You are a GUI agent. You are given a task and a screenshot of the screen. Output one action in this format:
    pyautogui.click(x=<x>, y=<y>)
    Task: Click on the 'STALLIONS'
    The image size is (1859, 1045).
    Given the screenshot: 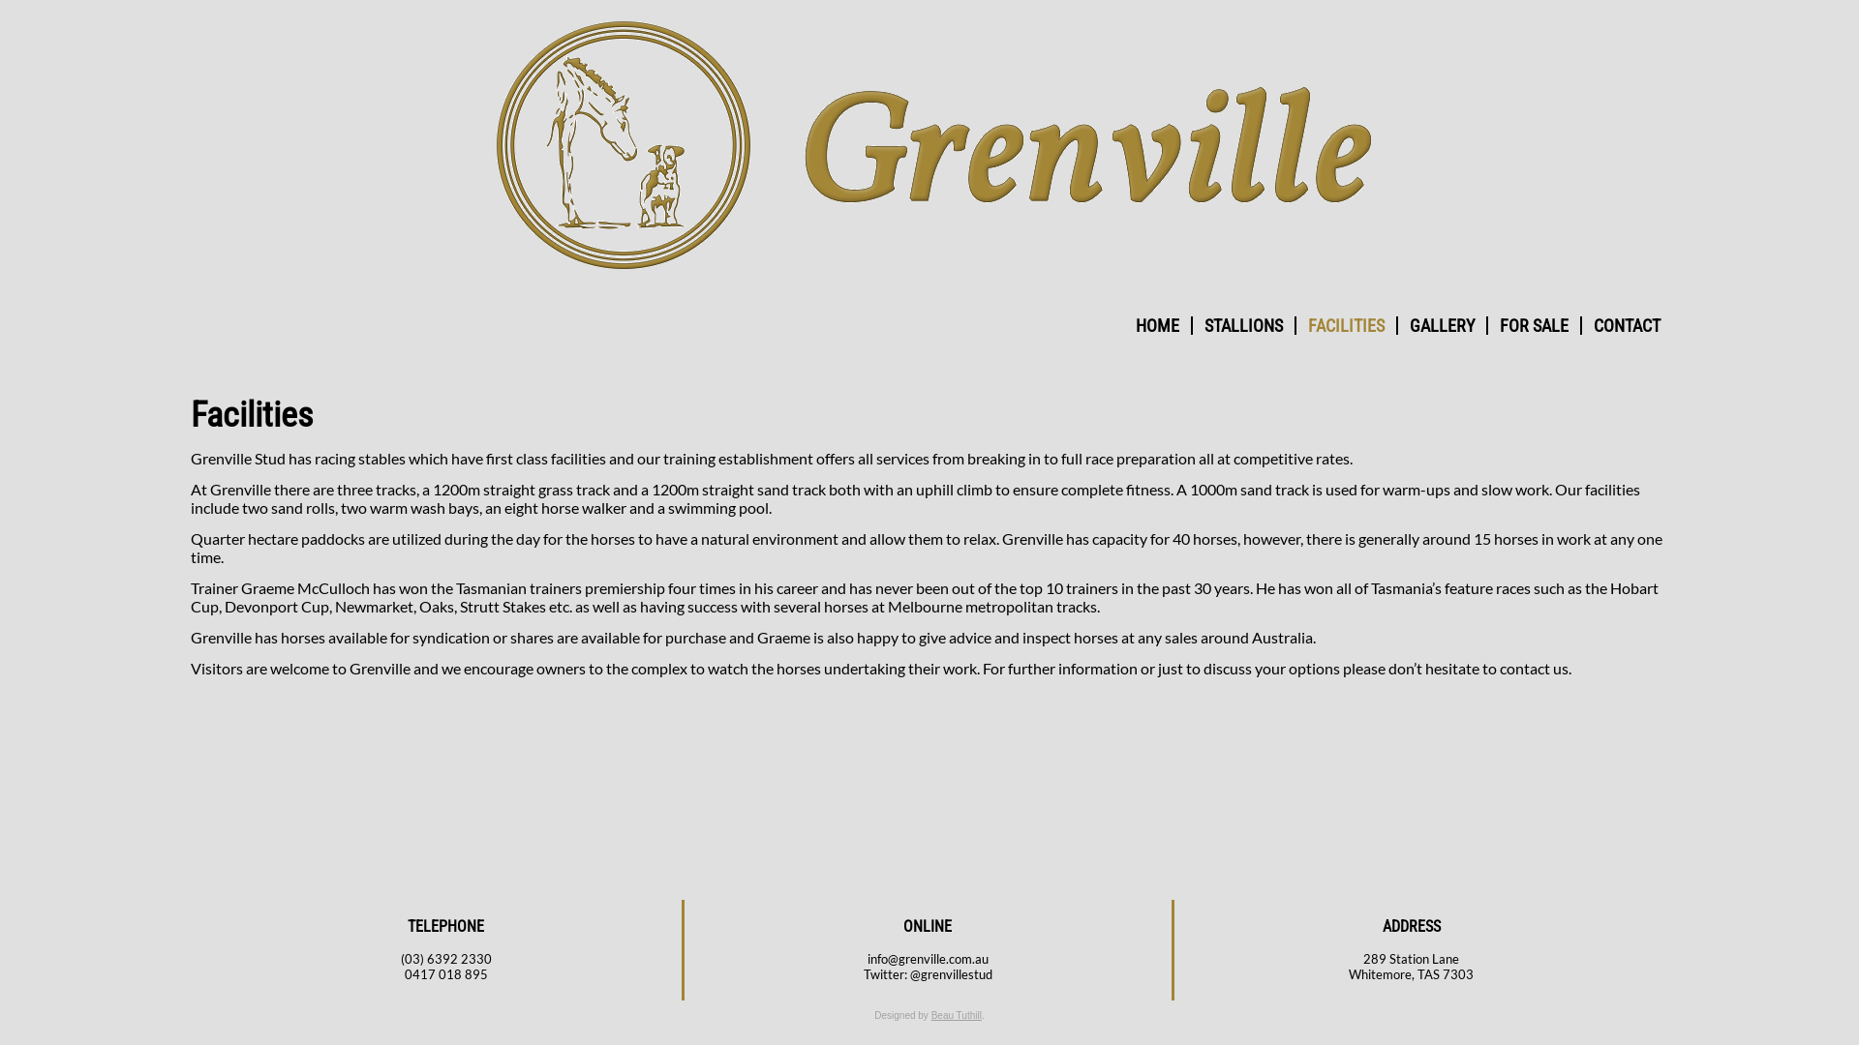 What is the action you would take?
    pyautogui.click(x=1243, y=324)
    